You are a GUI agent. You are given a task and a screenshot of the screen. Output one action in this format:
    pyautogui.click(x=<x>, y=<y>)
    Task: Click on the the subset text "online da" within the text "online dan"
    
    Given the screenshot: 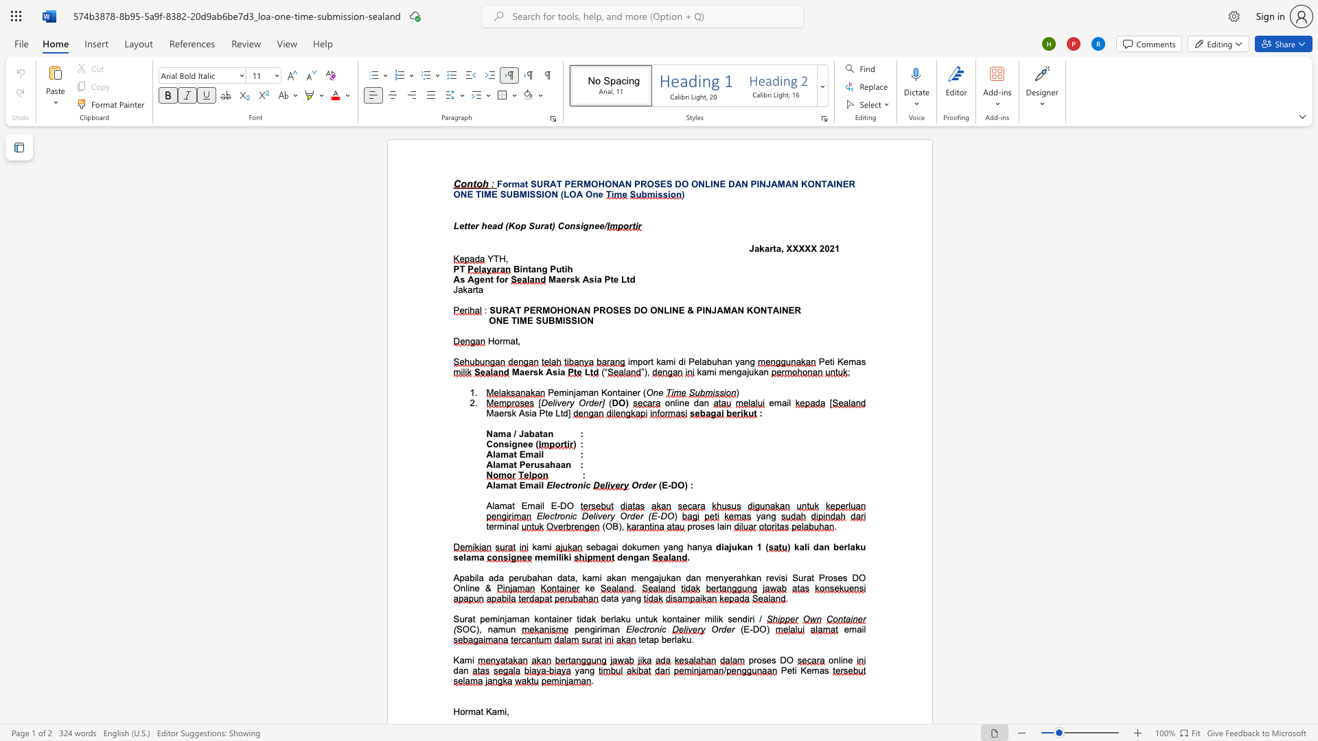 What is the action you would take?
    pyautogui.click(x=664, y=402)
    